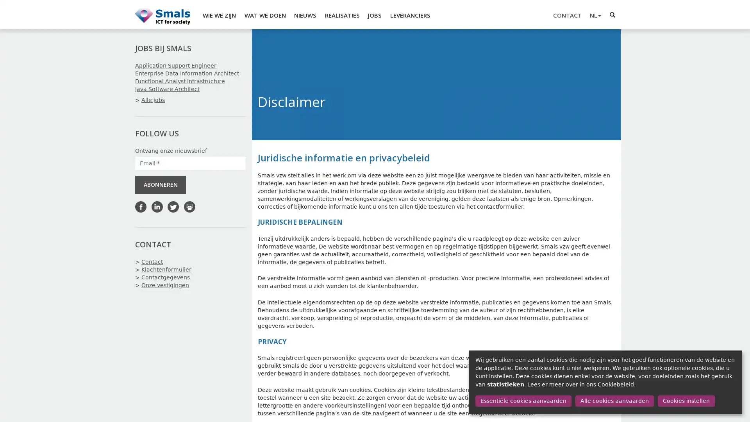 This screenshot has height=422, width=750. What do you see at coordinates (614, 401) in the screenshot?
I see `Alle cookies aanvaarden` at bounding box center [614, 401].